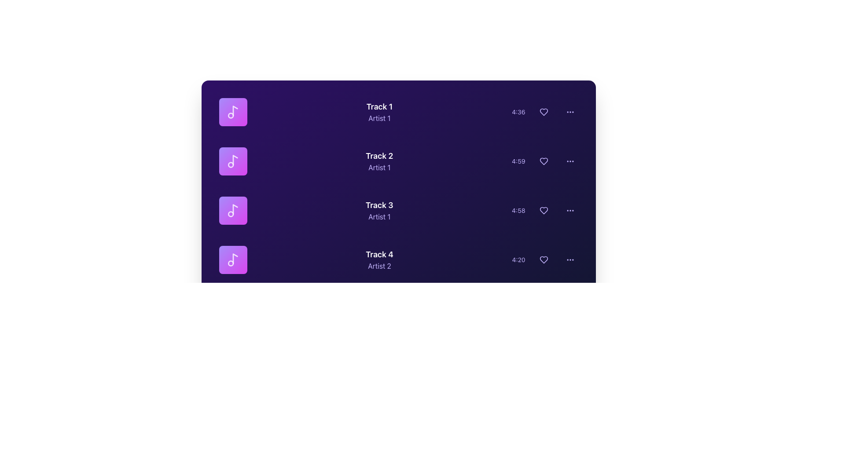 The width and height of the screenshot is (845, 475). Describe the element at coordinates (570, 161) in the screenshot. I see `the ellipsis icon consisting of three purple circular dots in the action section of 'Track 2'` at that location.